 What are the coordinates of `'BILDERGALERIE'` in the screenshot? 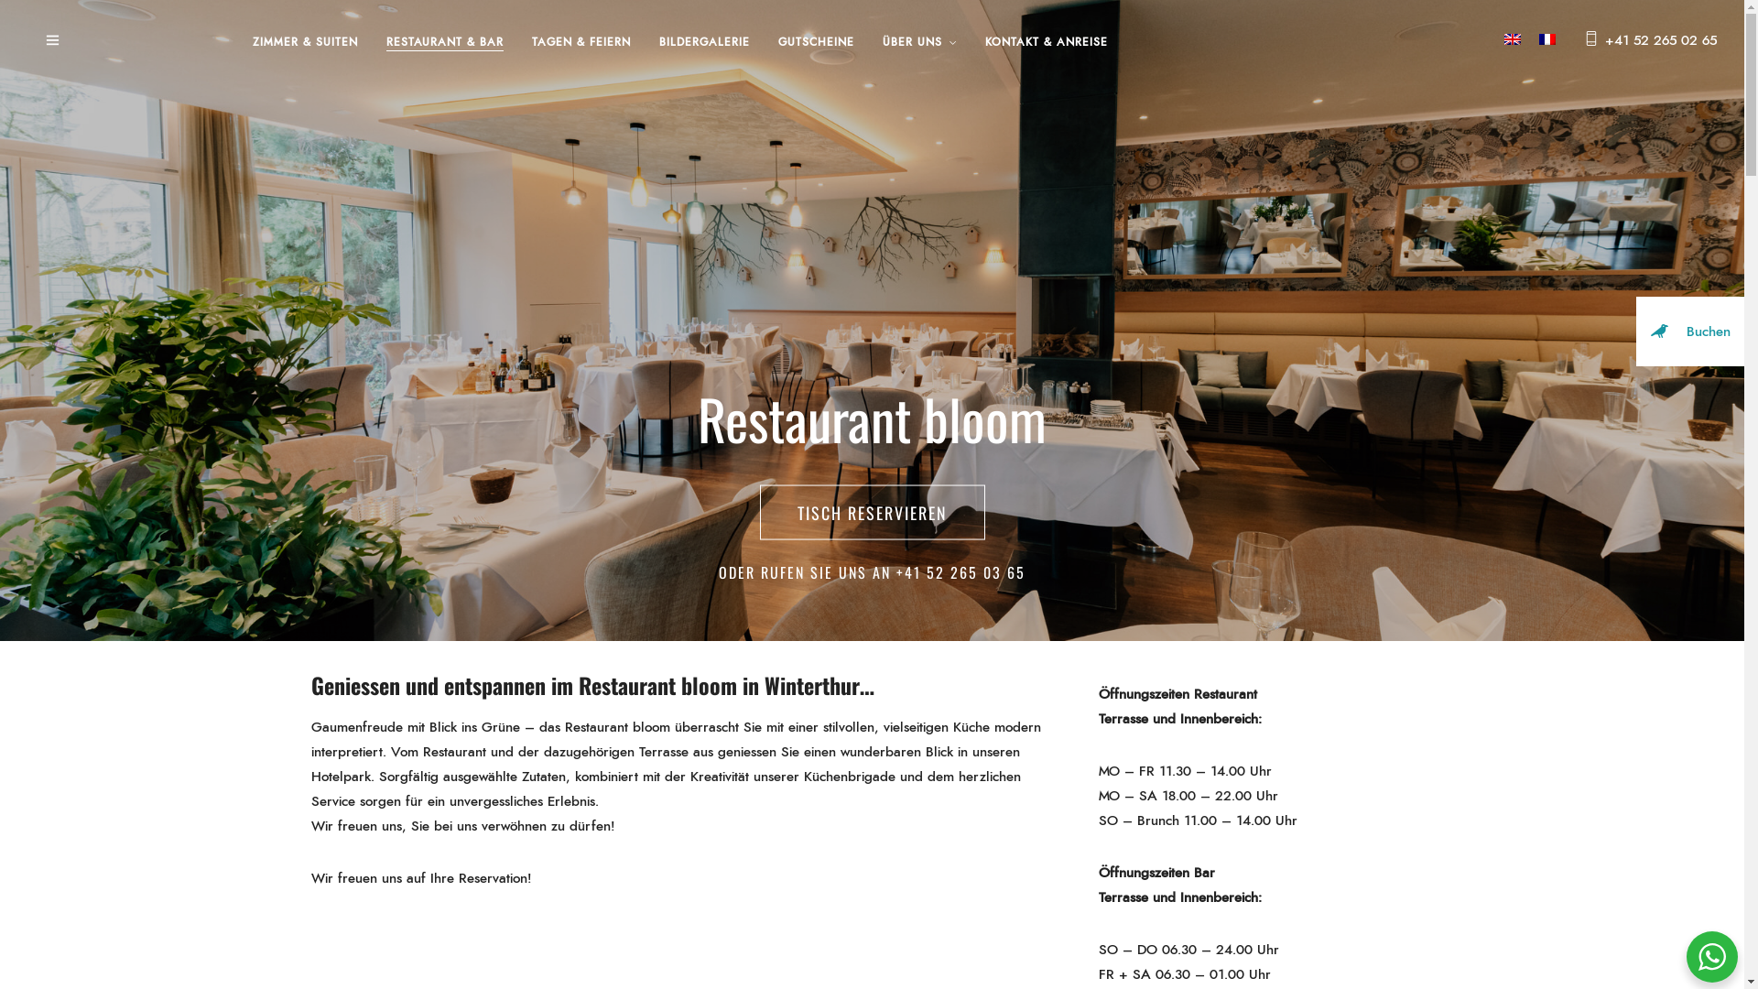 It's located at (703, 41).